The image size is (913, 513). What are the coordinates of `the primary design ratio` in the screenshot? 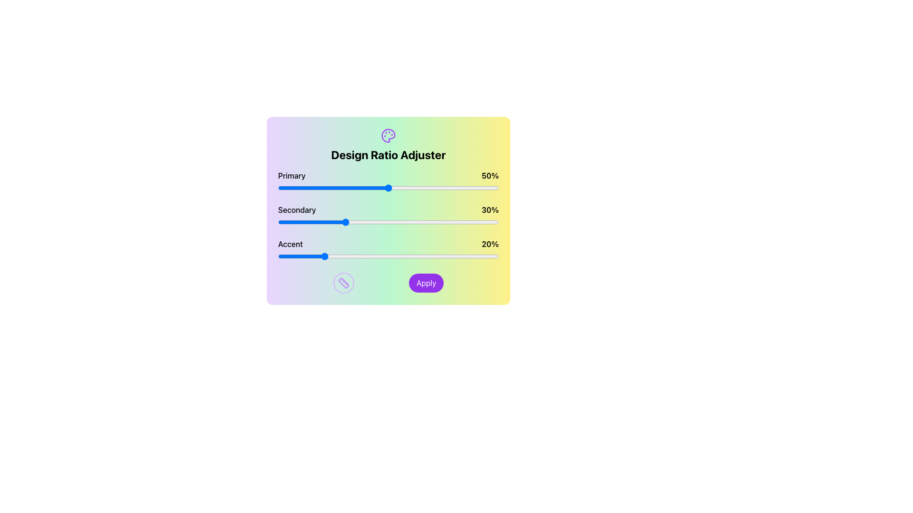 It's located at (372, 188).